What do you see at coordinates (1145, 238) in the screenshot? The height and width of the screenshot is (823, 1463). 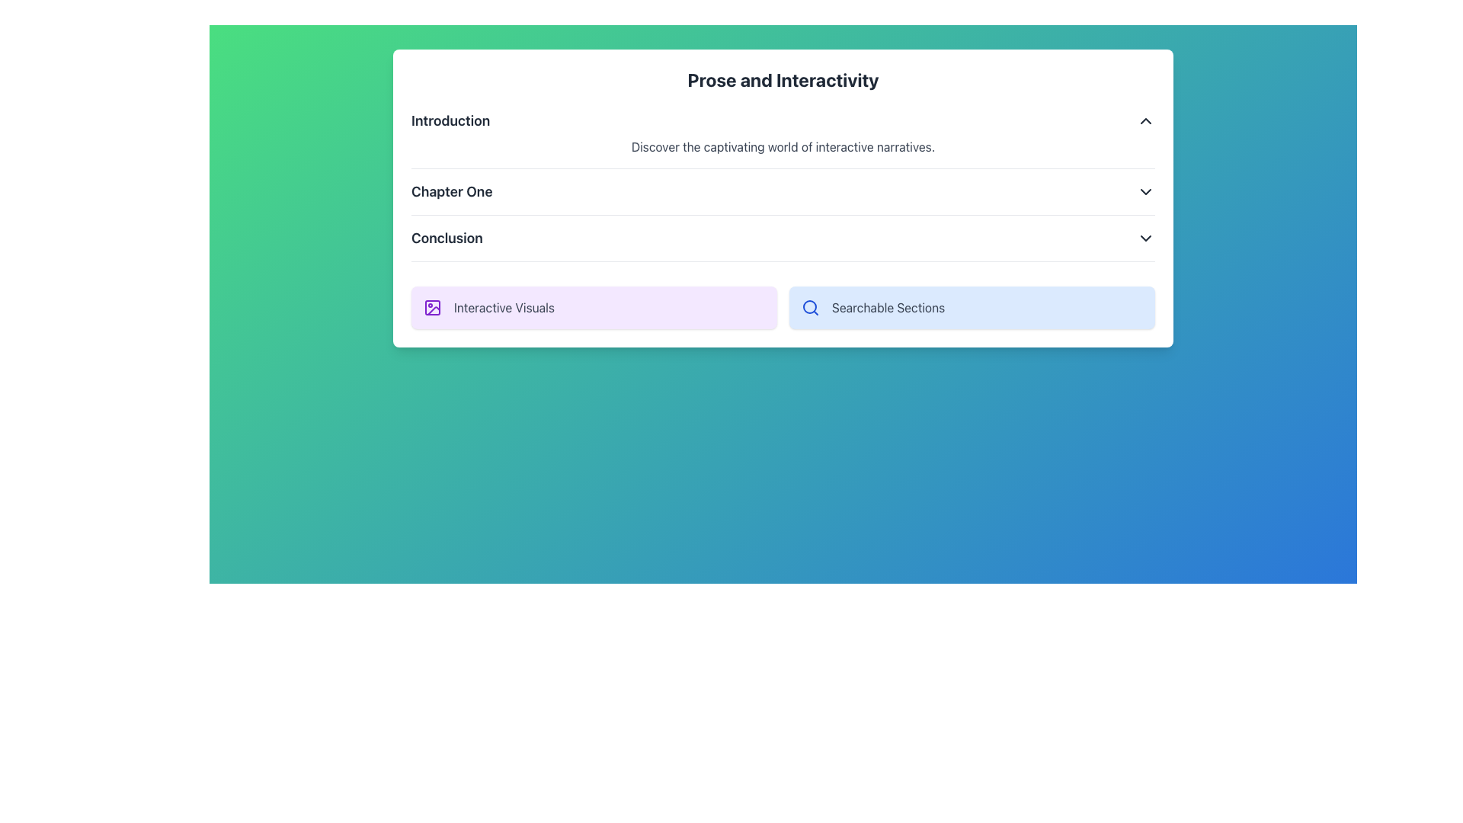 I see `the interactive toggle or dropdown control represented as an SVG icon` at bounding box center [1145, 238].